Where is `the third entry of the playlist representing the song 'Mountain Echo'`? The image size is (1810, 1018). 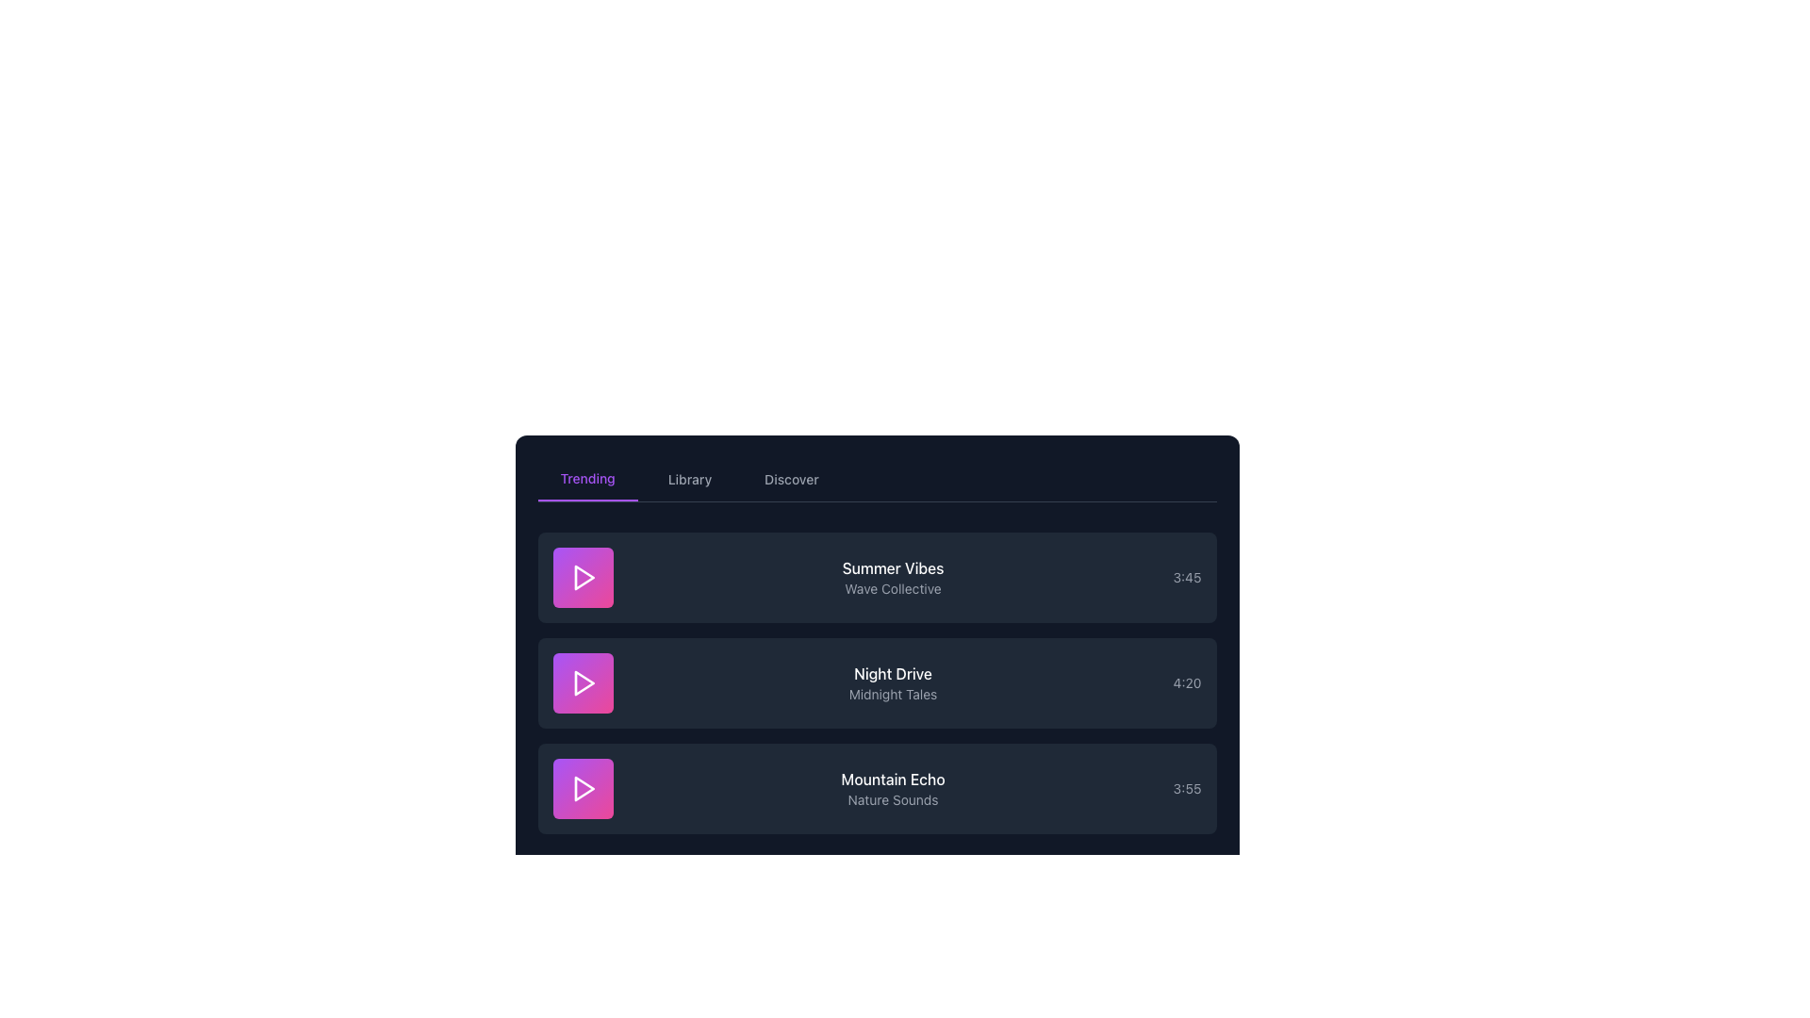
the third entry of the playlist representing the song 'Mountain Echo' is located at coordinates (876, 789).